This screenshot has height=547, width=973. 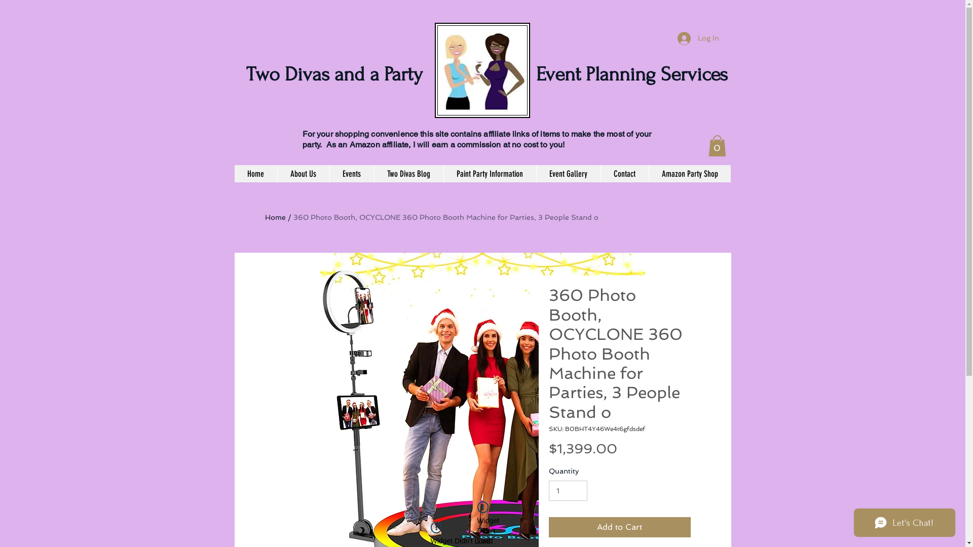 What do you see at coordinates (689, 173) in the screenshot?
I see `'Amazon Party Shop'` at bounding box center [689, 173].